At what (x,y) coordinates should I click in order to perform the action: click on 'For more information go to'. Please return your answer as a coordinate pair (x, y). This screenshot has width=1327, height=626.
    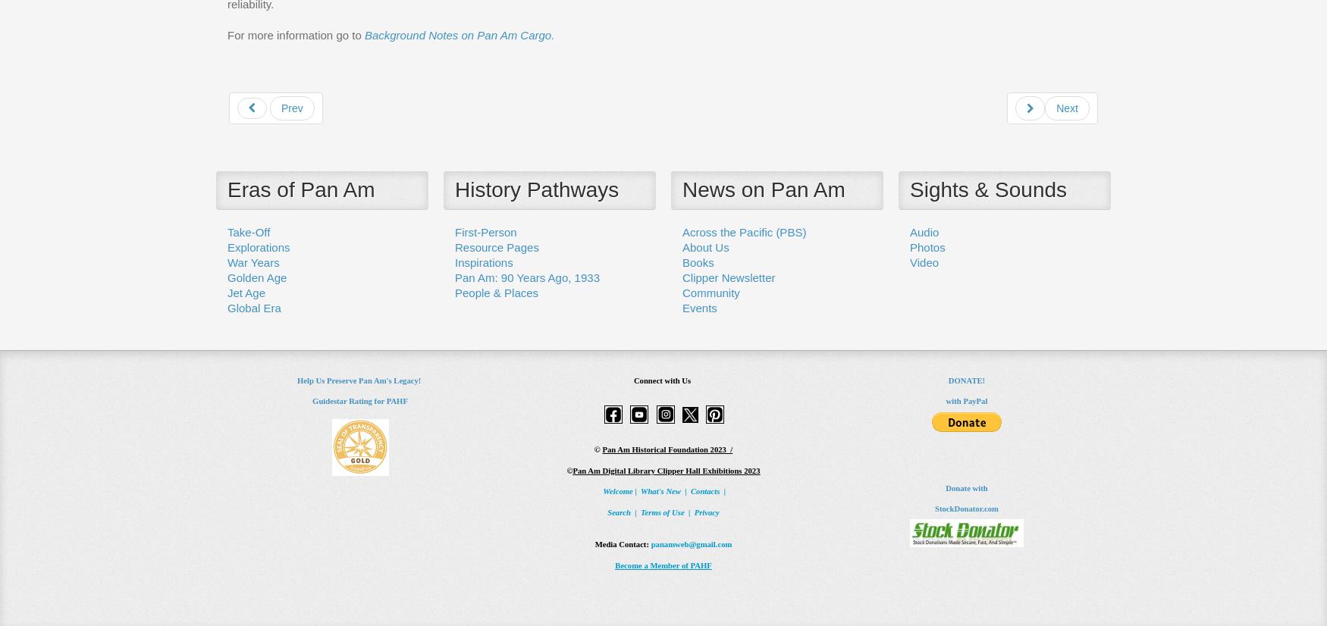
    Looking at the image, I should click on (295, 33).